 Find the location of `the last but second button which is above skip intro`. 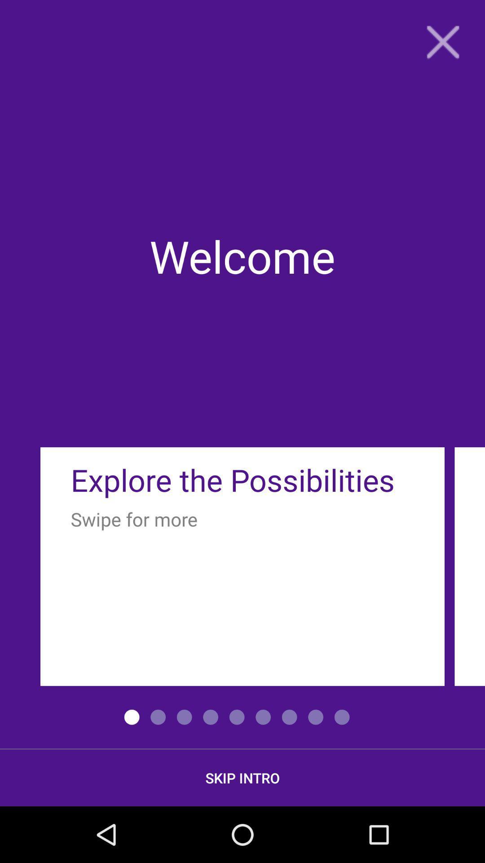

the last but second button which is above skip intro is located at coordinates (289, 717).